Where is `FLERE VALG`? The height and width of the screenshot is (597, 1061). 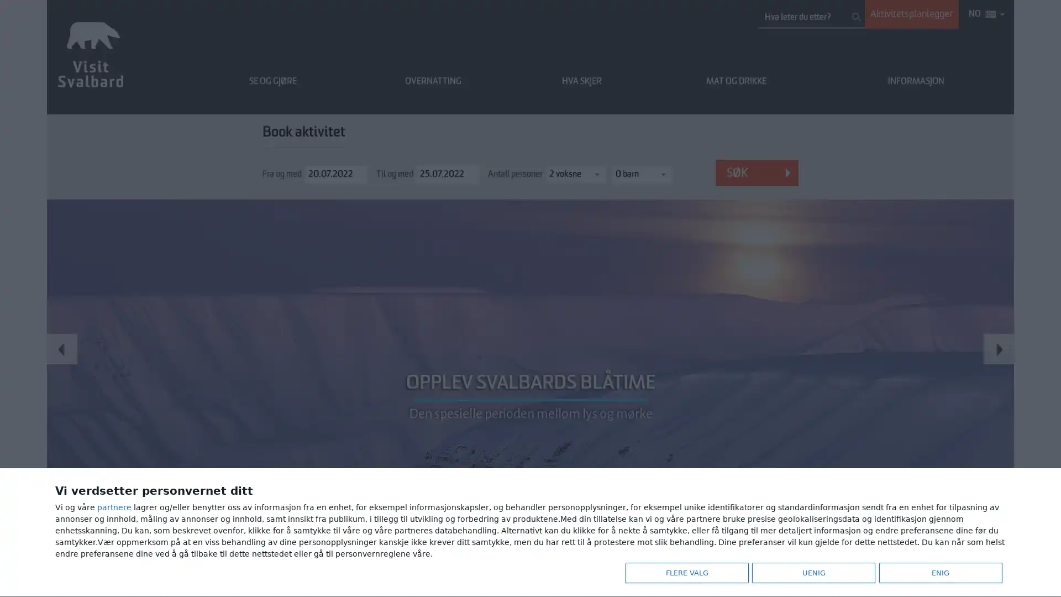
FLERE VALG is located at coordinates (684, 572).